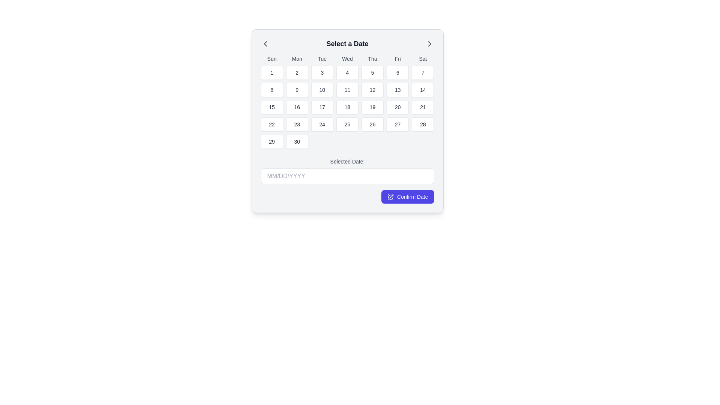 Image resolution: width=720 pixels, height=405 pixels. What do you see at coordinates (347, 89) in the screenshot?
I see `the square-shaped button with the number '11' in a bolded font, located in the fourth row and fifth column of the calendar grid under 'Wed'` at bounding box center [347, 89].